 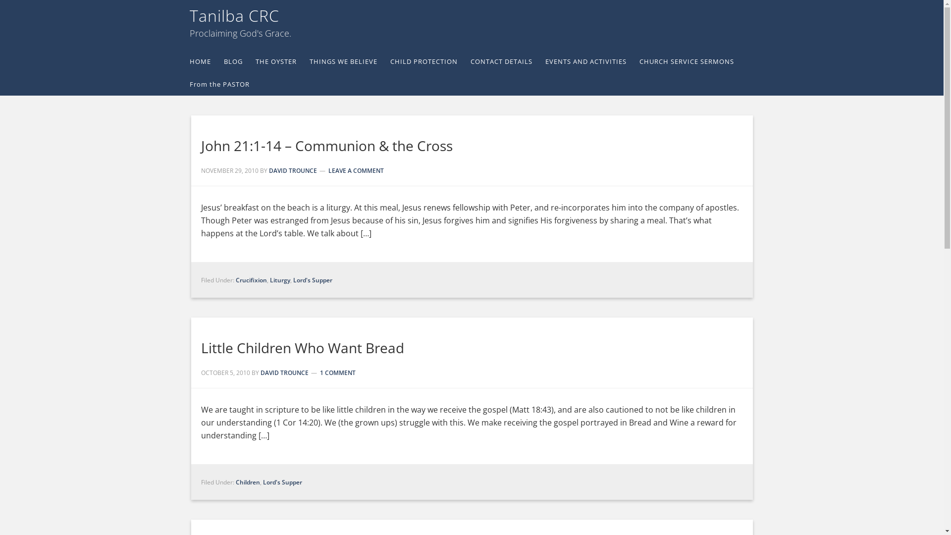 I want to click on 'CHILD PROTECTION', so click(x=430, y=61).